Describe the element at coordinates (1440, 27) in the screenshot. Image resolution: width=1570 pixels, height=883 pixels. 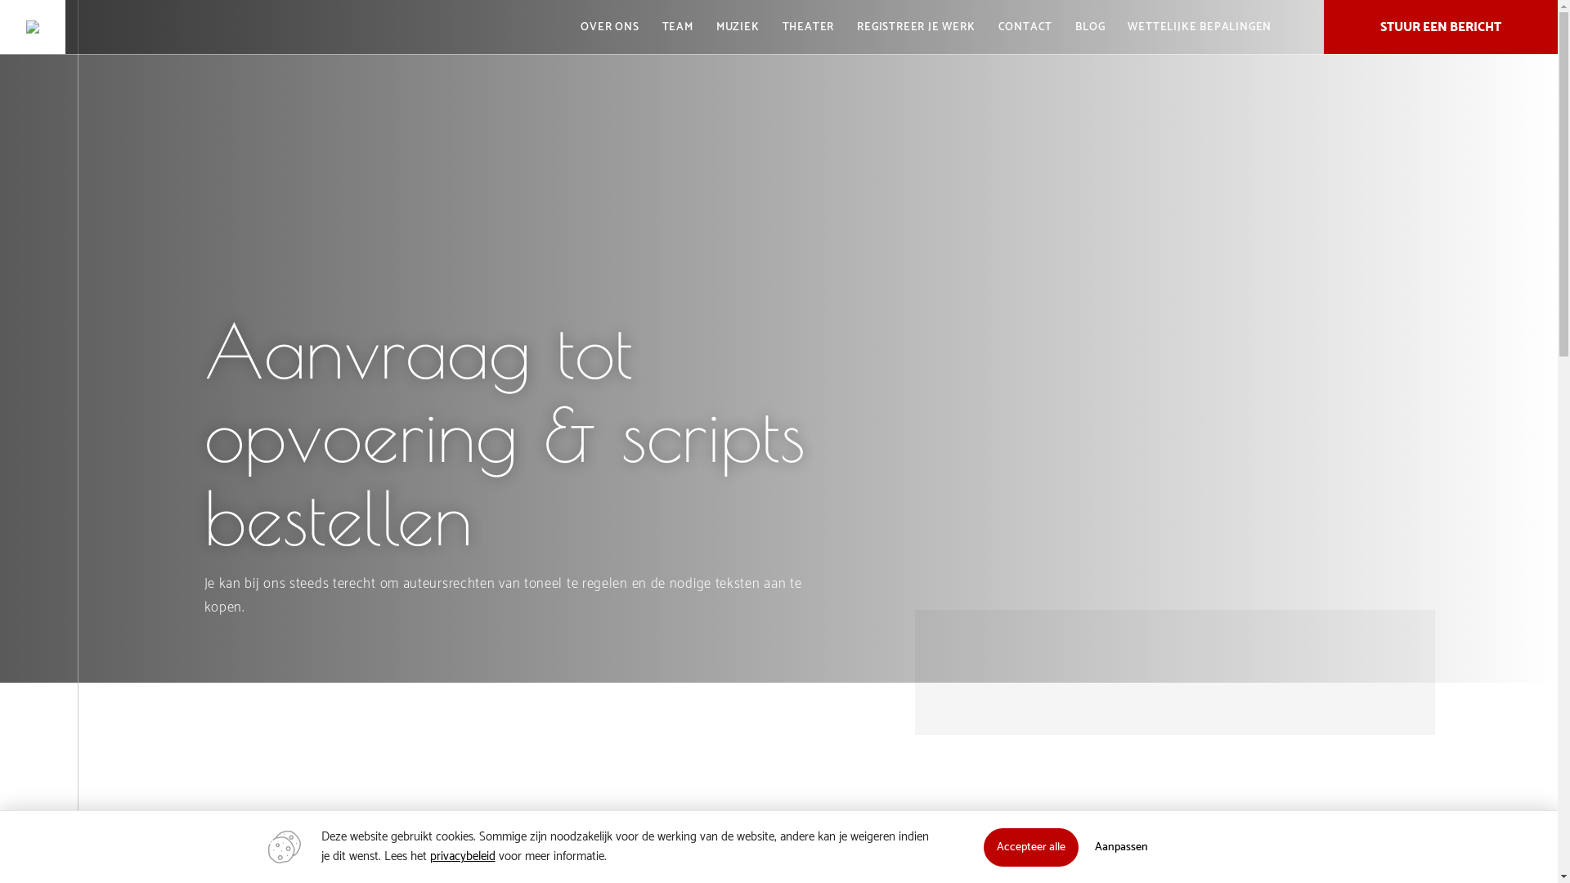
I see `'STUUR EEN BERICHT'` at that location.